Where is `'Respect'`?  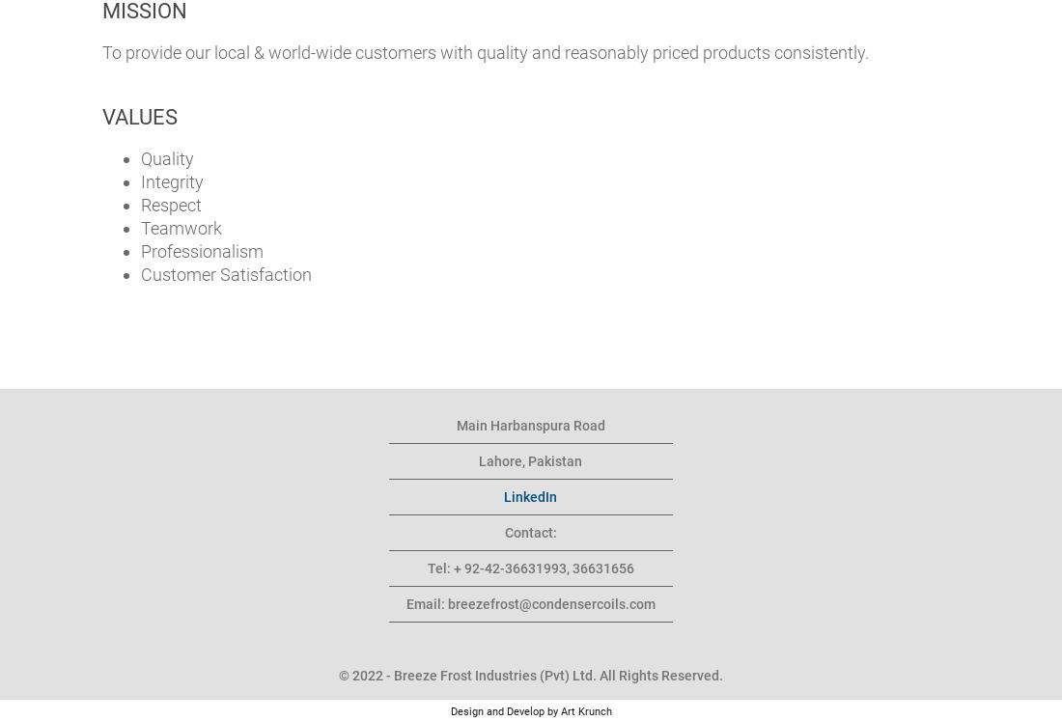 'Respect' is located at coordinates (170, 204).